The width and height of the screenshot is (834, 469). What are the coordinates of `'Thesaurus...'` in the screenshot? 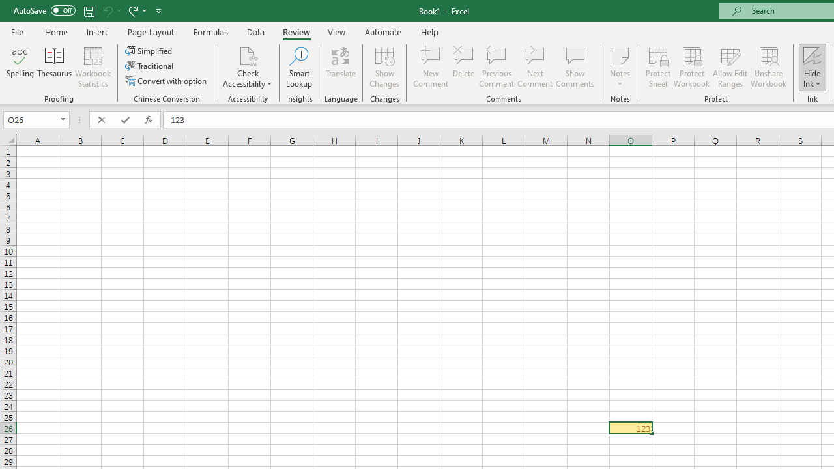 It's located at (53, 67).